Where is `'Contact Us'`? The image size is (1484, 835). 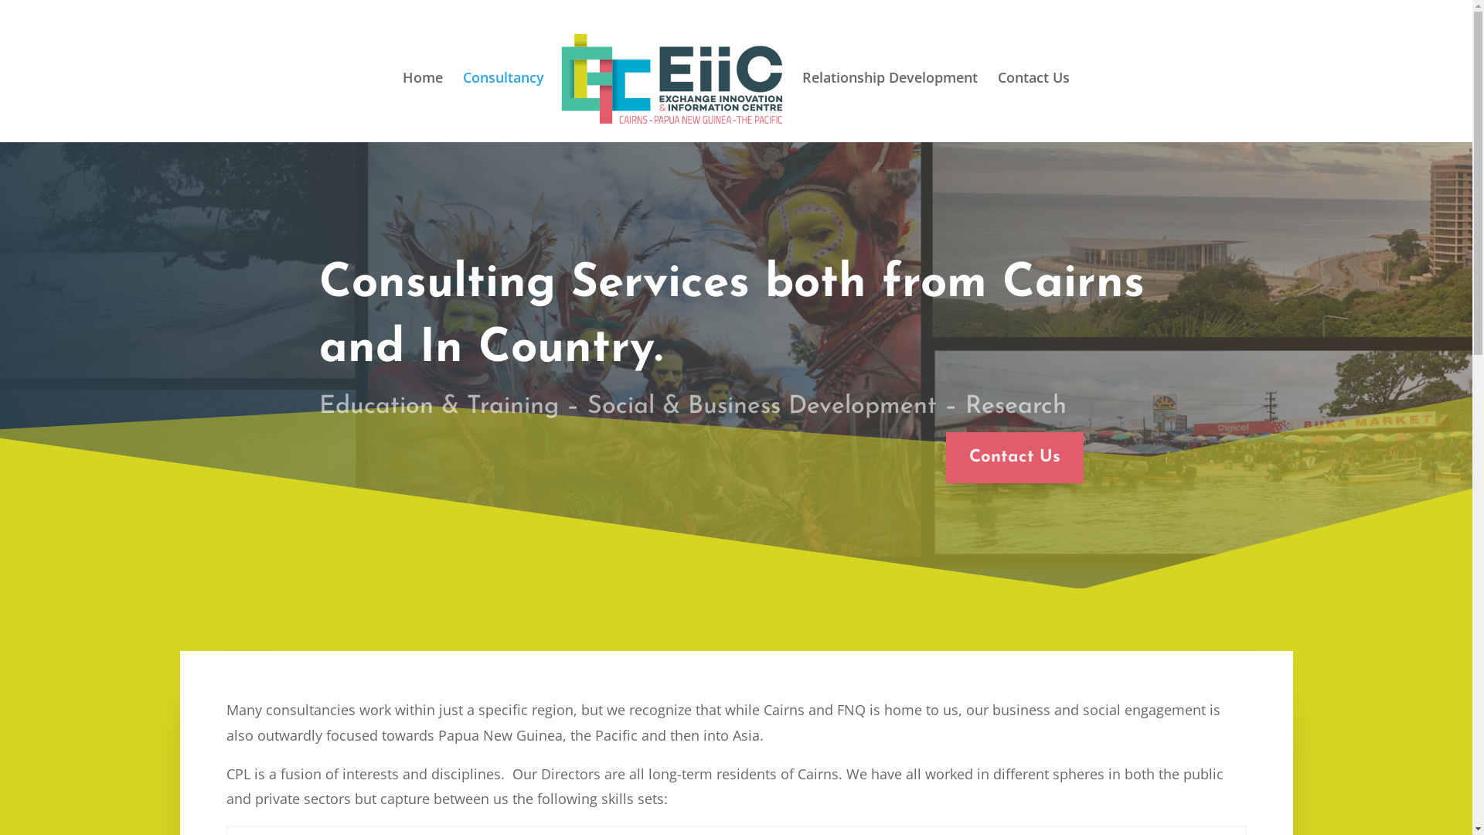 'Contact Us' is located at coordinates (1033, 99).